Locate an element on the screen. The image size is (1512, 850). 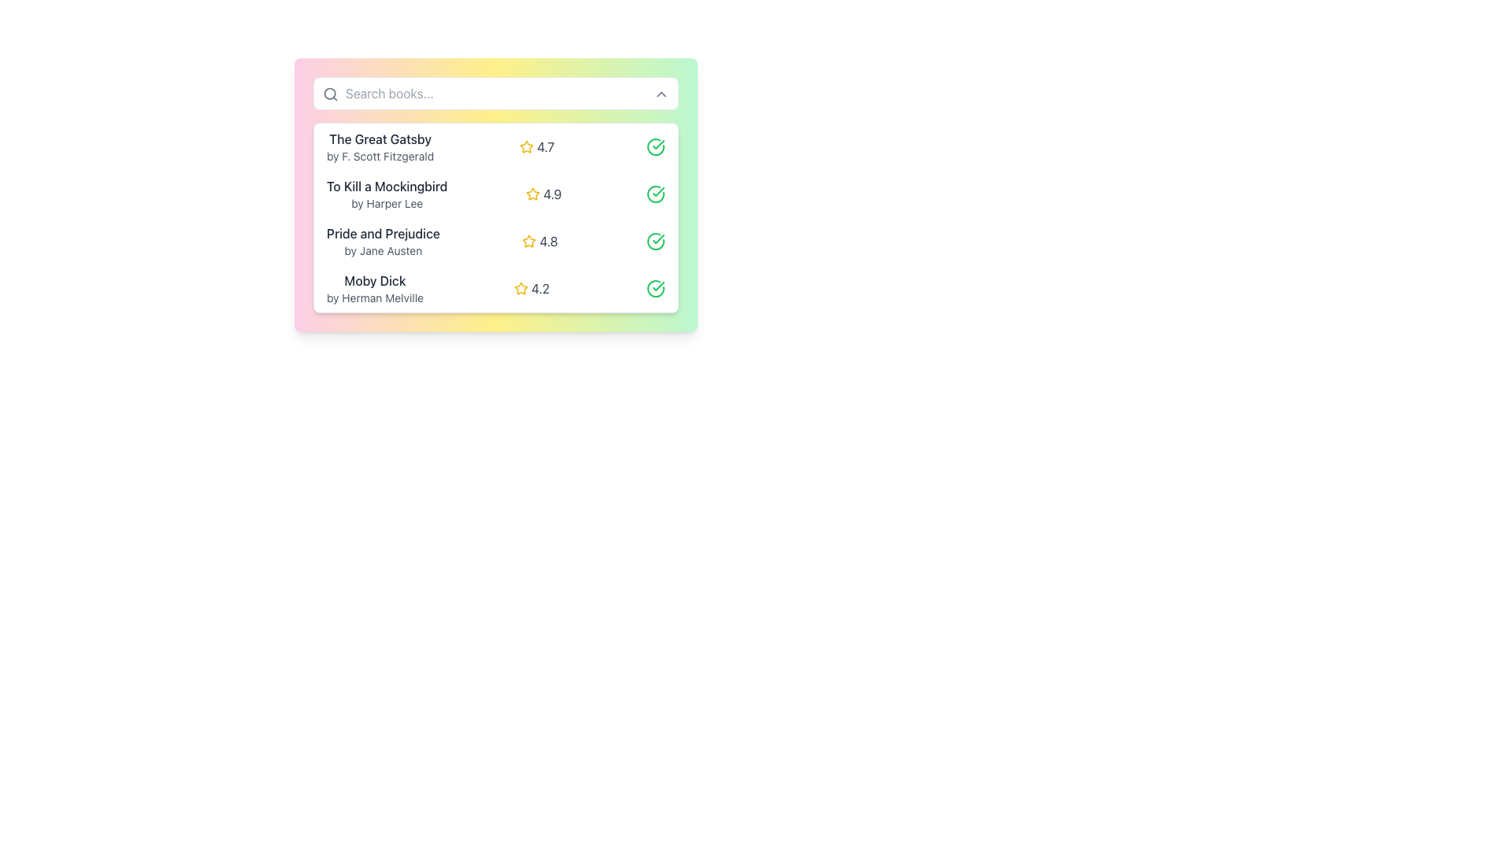
the green checkmark icon, which signifies approval or completion, located within the circular SVG icon is located at coordinates (658, 286).